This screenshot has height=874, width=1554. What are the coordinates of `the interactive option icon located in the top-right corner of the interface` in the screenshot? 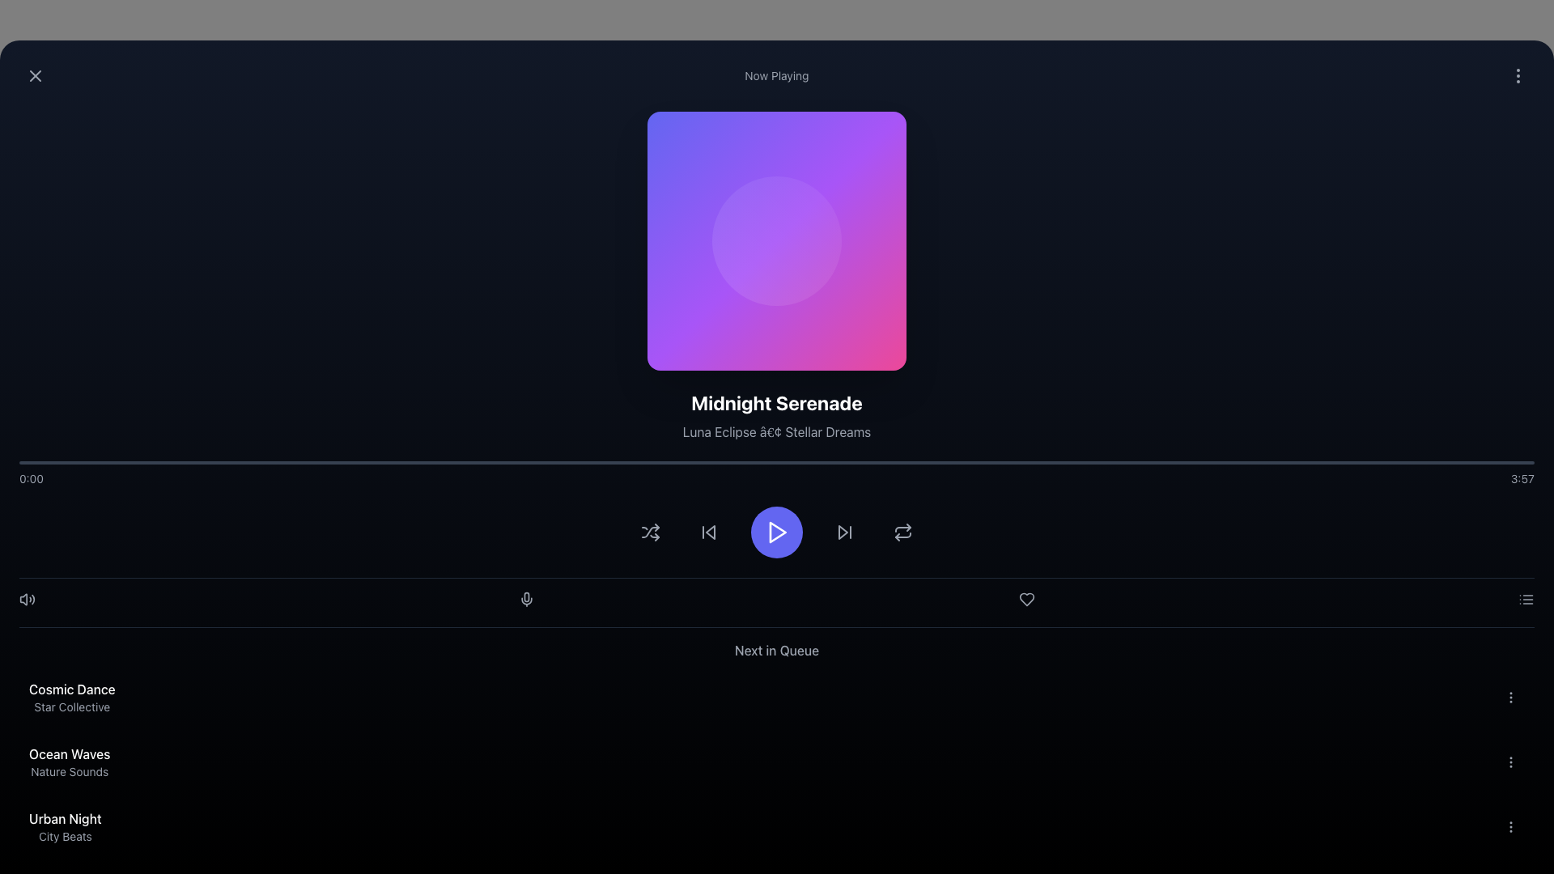 It's located at (1518, 75).